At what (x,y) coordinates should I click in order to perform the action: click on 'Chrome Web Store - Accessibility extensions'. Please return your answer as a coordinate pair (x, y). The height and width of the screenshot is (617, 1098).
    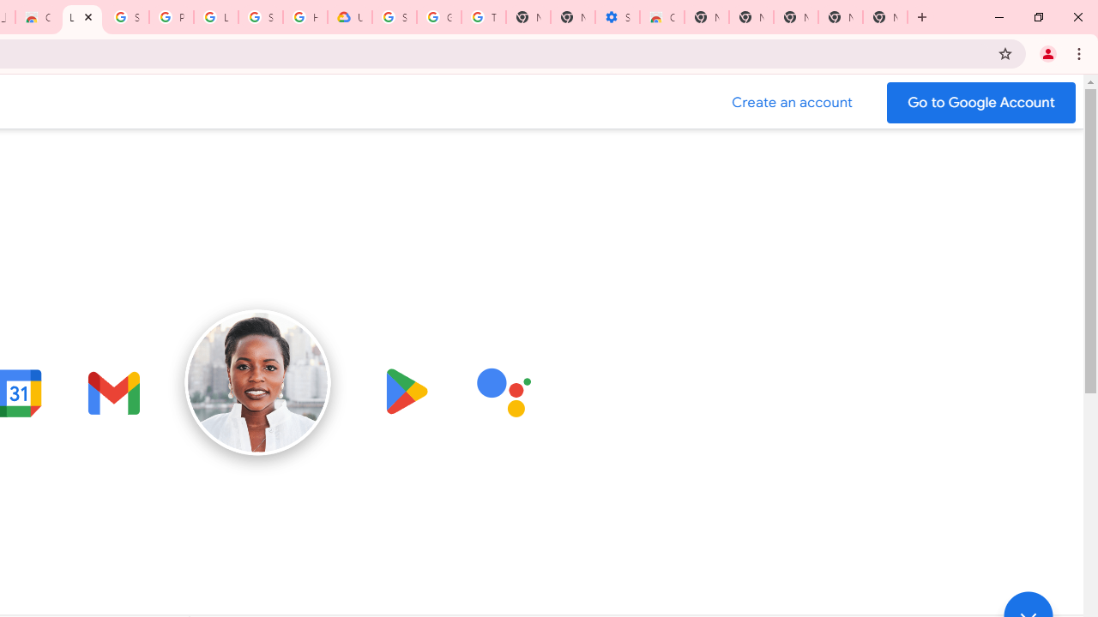
    Looking at the image, I should click on (661, 17).